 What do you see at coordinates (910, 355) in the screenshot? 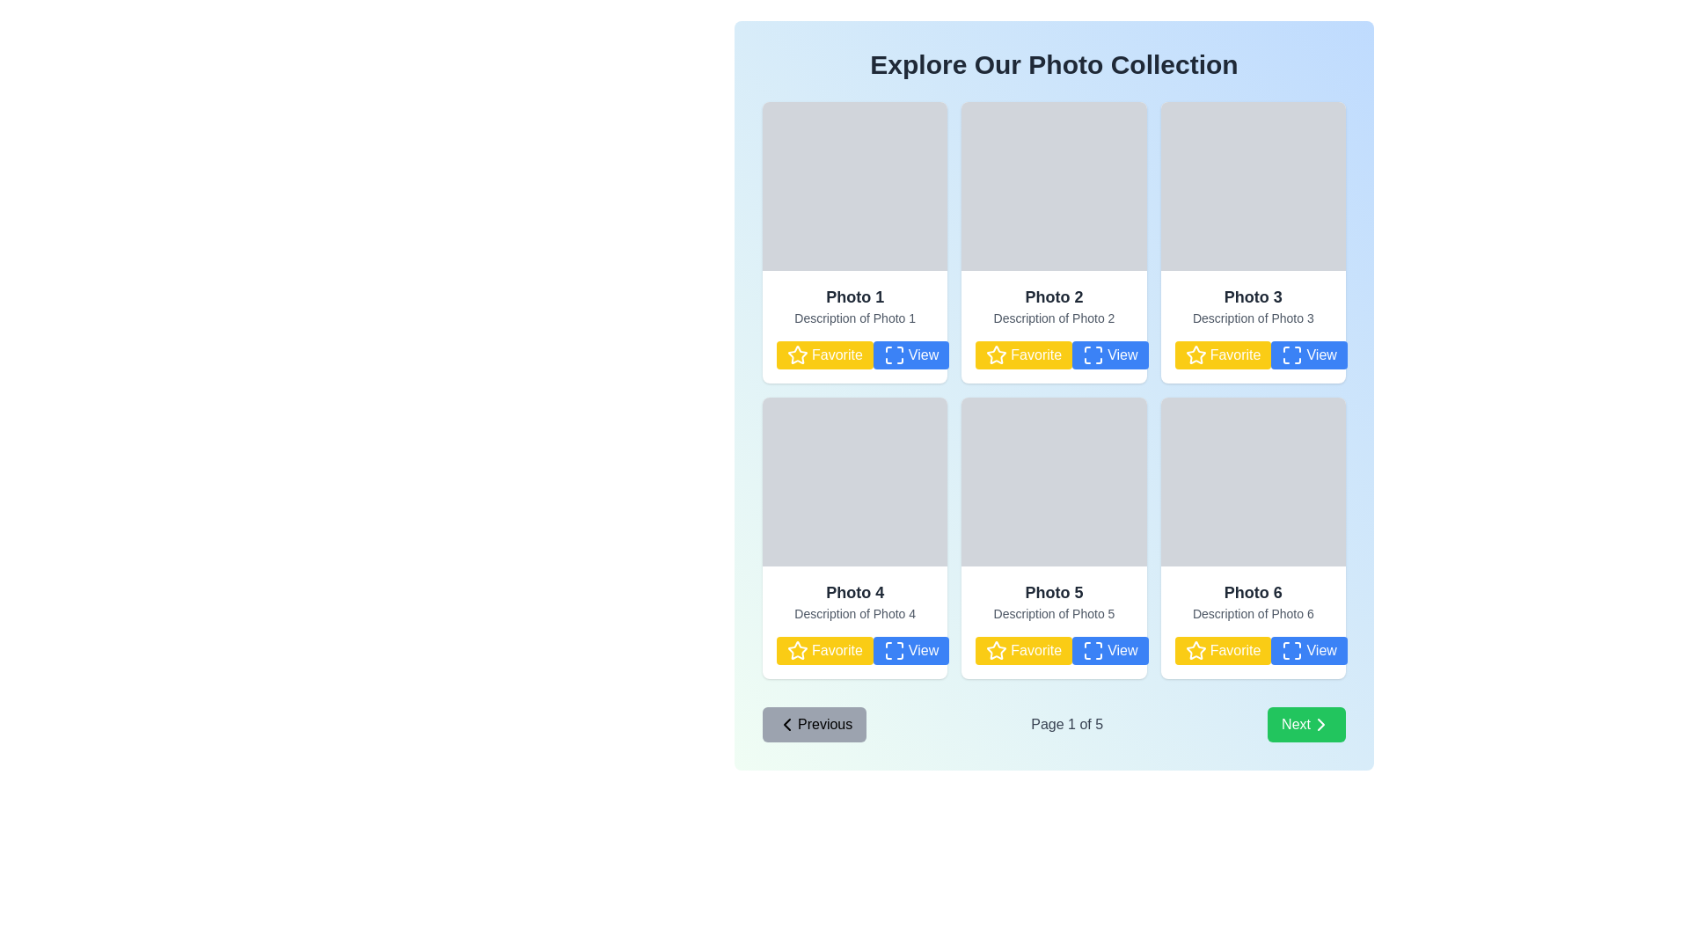
I see `the button located to the right of the 'Favorite' button in the photo card controls` at bounding box center [910, 355].